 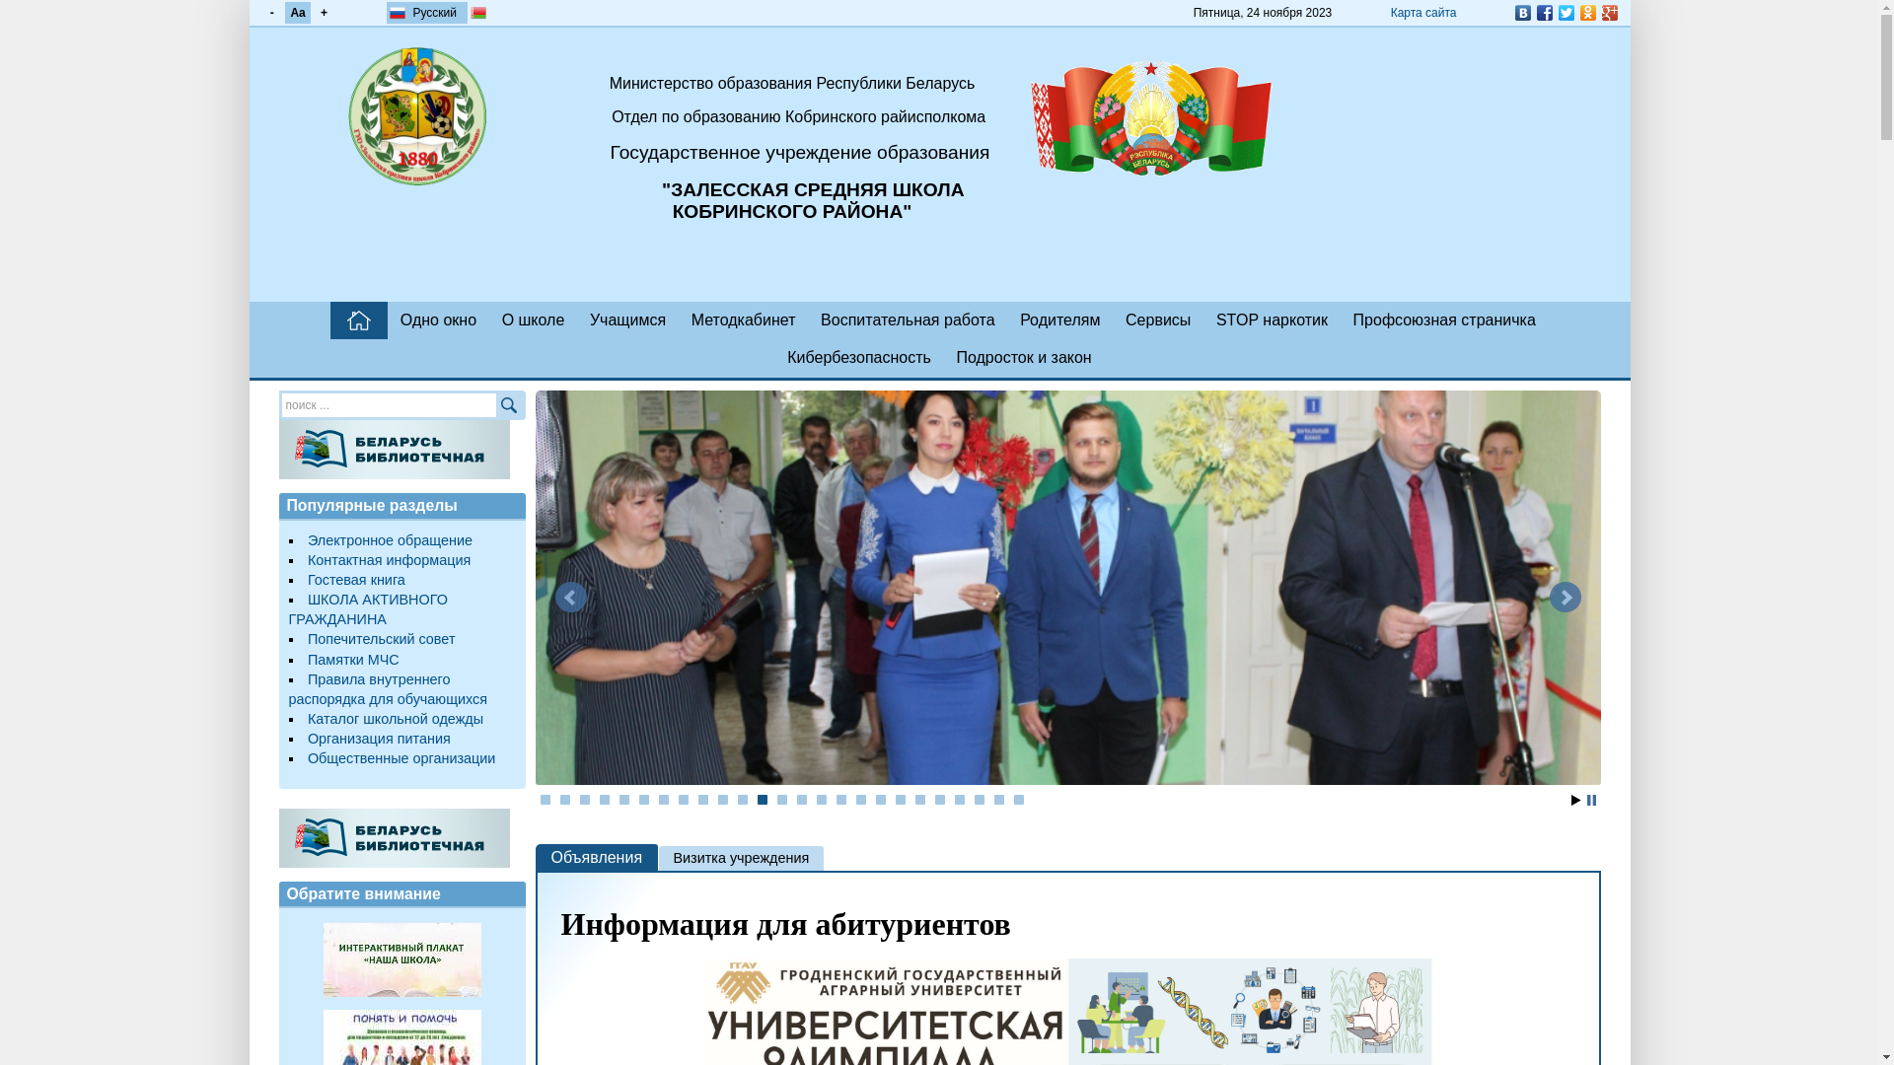 I want to click on '20', so click(x=918, y=799).